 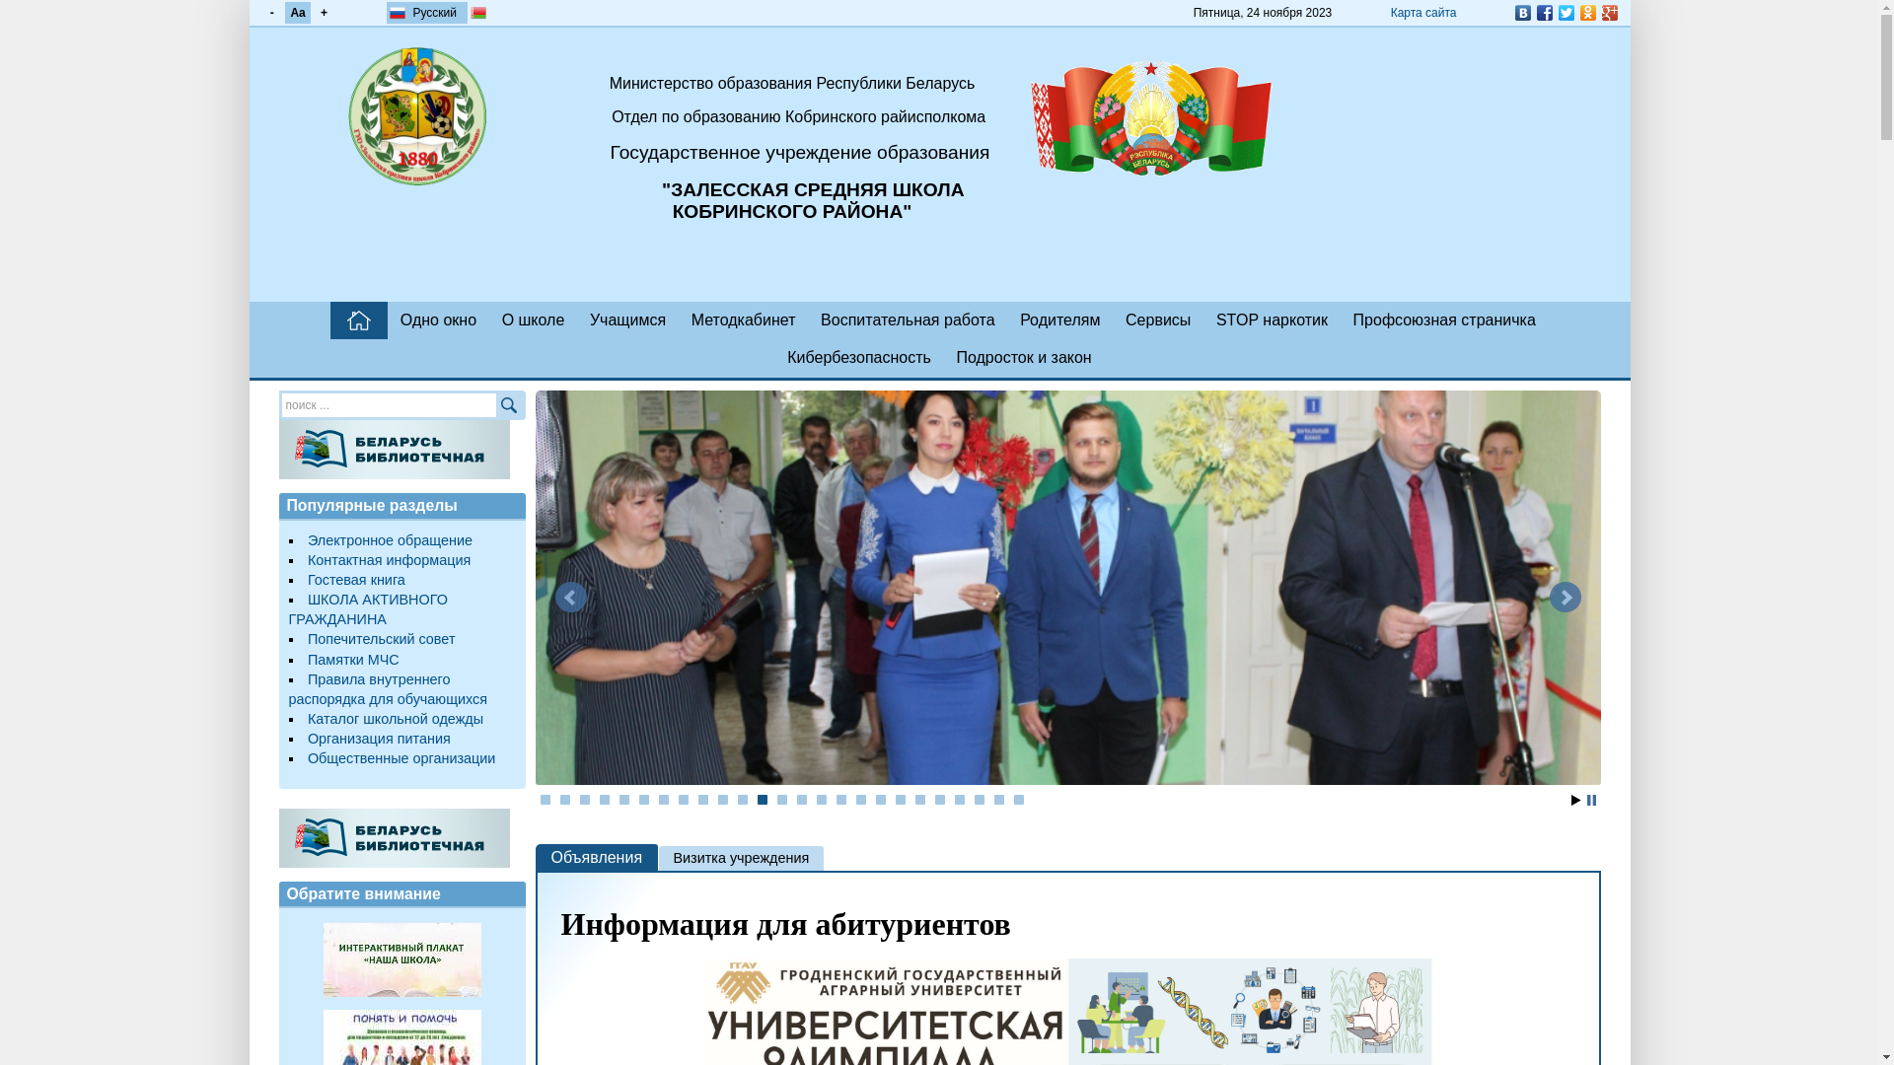 I want to click on '20', so click(x=918, y=799).